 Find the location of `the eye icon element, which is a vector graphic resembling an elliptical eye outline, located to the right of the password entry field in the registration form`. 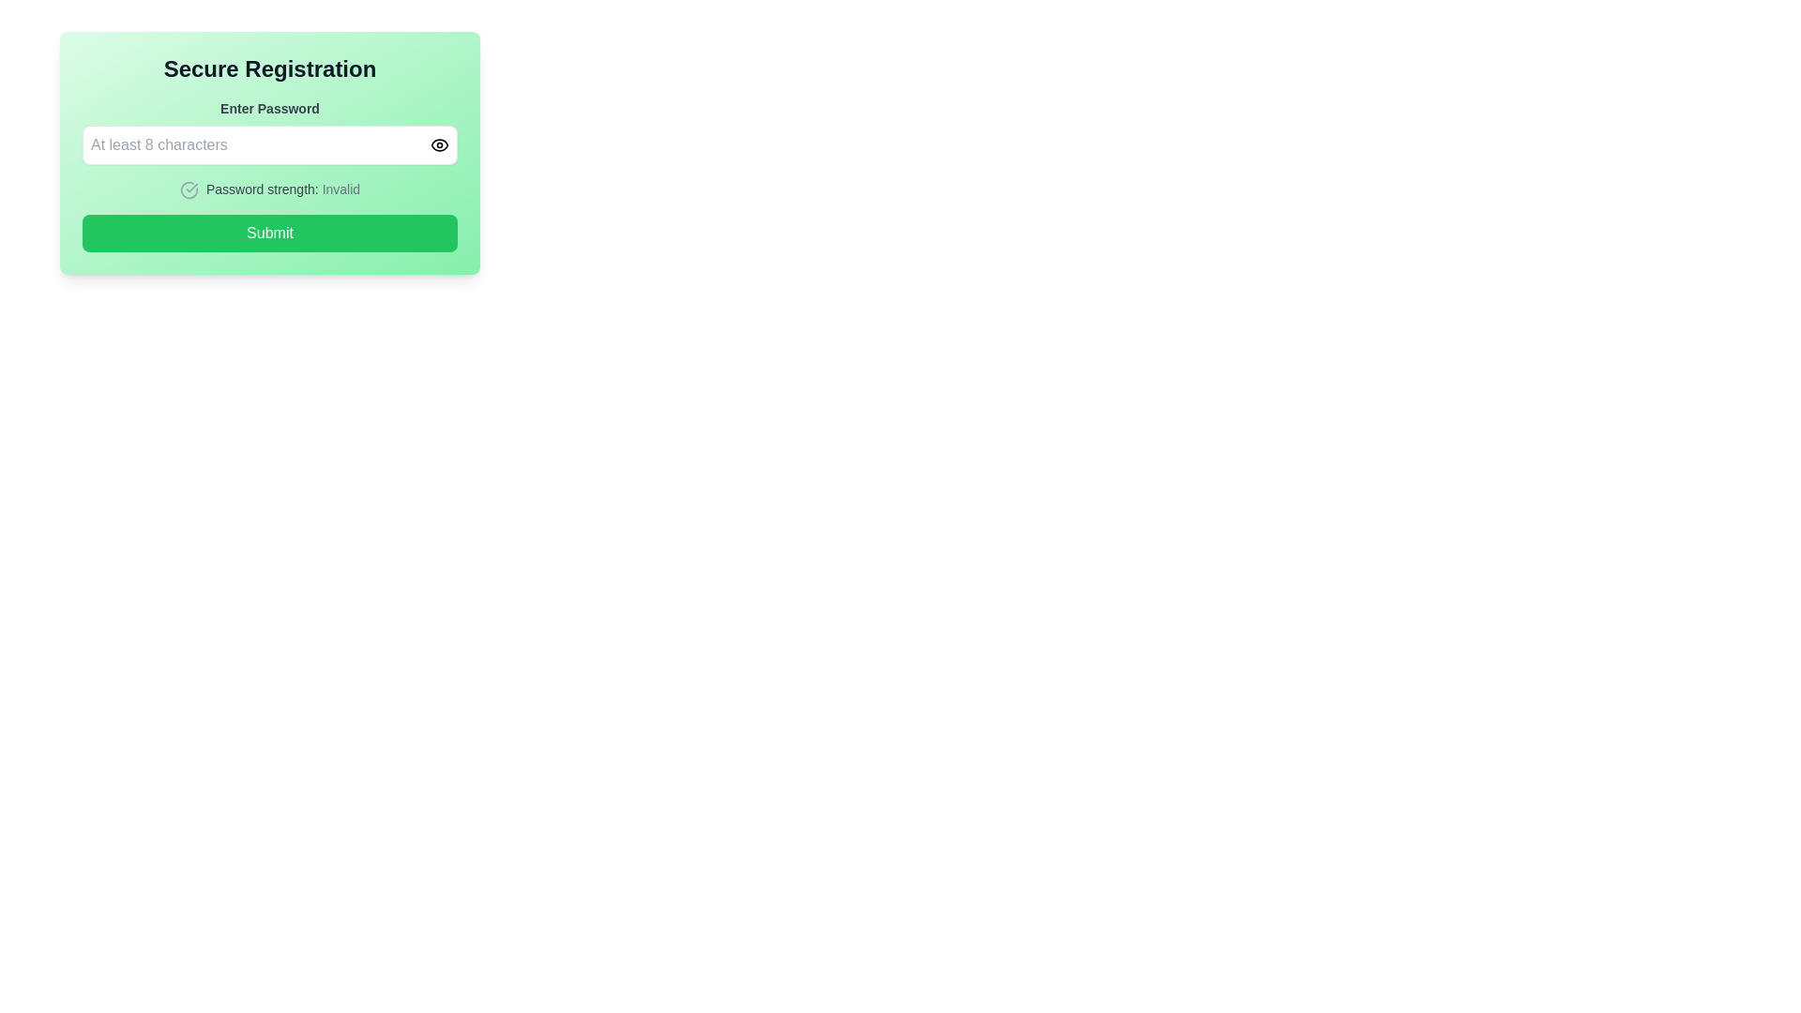

the eye icon element, which is a vector graphic resembling an elliptical eye outline, located to the right of the password entry field in the registration form is located at coordinates (439, 144).